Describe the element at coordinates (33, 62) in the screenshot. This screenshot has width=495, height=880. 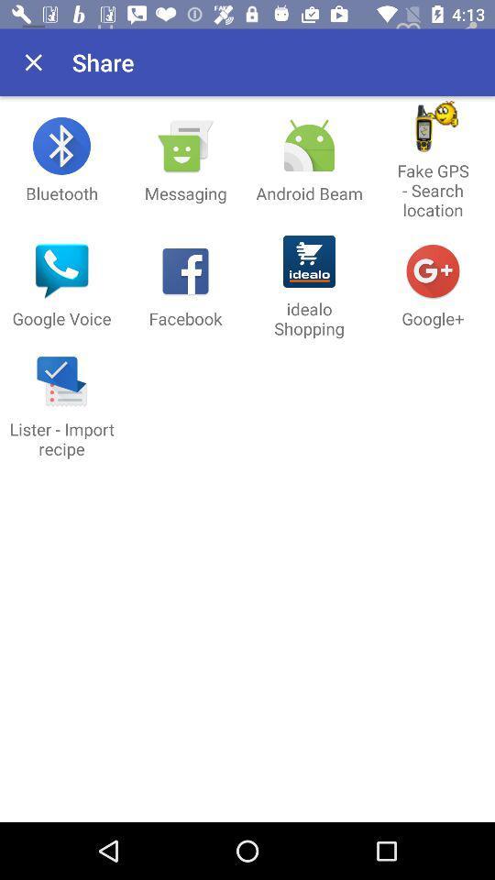
I see `the icon next to the share item` at that location.